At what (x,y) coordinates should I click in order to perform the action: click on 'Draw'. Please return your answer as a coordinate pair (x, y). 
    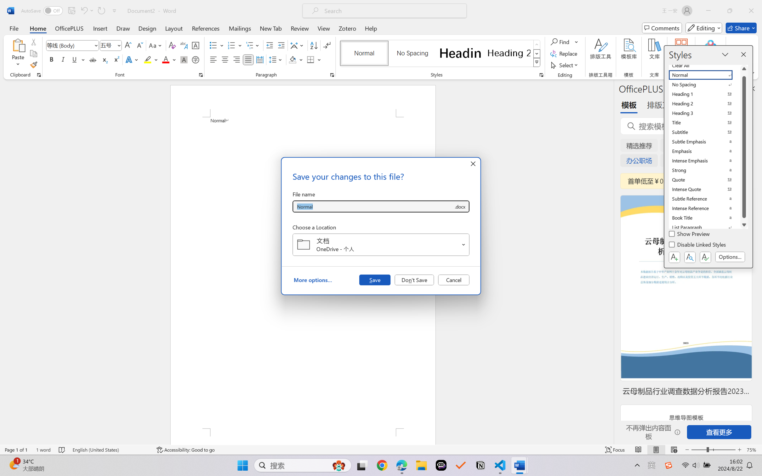
    Looking at the image, I should click on (123, 28).